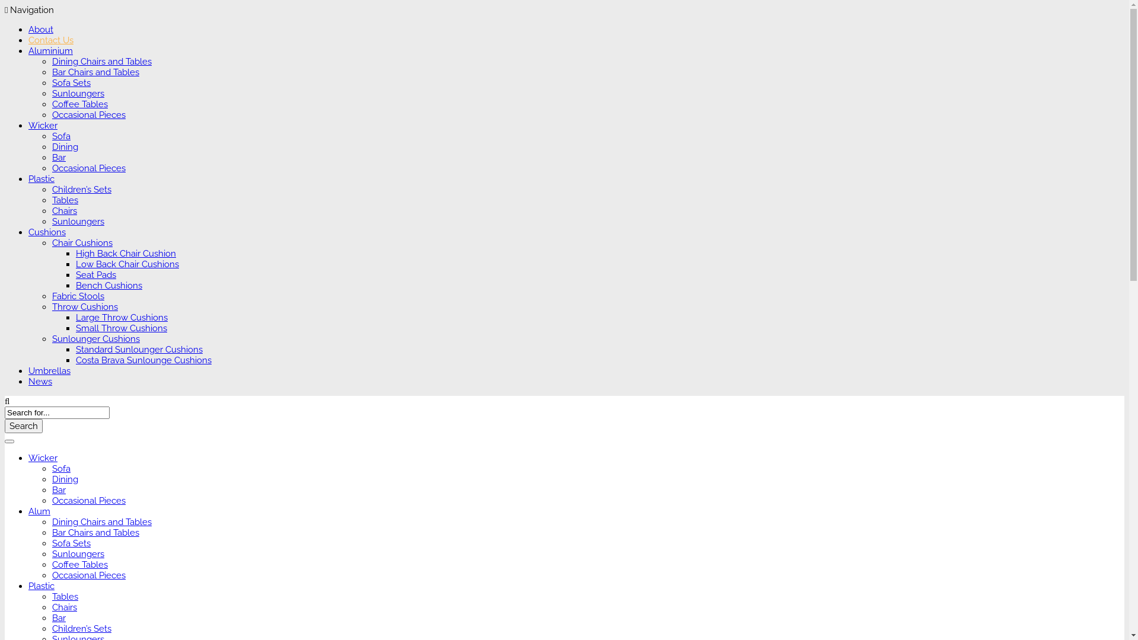 This screenshot has height=640, width=1138. Describe the element at coordinates (49, 370) in the screenshot. I see `'Umbrellas'` at that location.